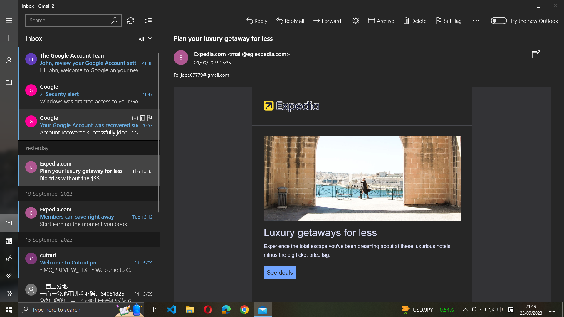 The image size is (564, 317). Describe the element at coordinates (279, 272) in the screenshot. I see `Inspect the details of the current email` at that location.